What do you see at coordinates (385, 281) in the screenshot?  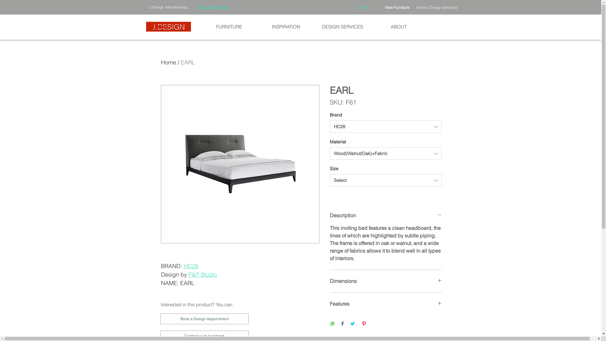 I see `'Dimensions'` at bounding box center [385, 281].